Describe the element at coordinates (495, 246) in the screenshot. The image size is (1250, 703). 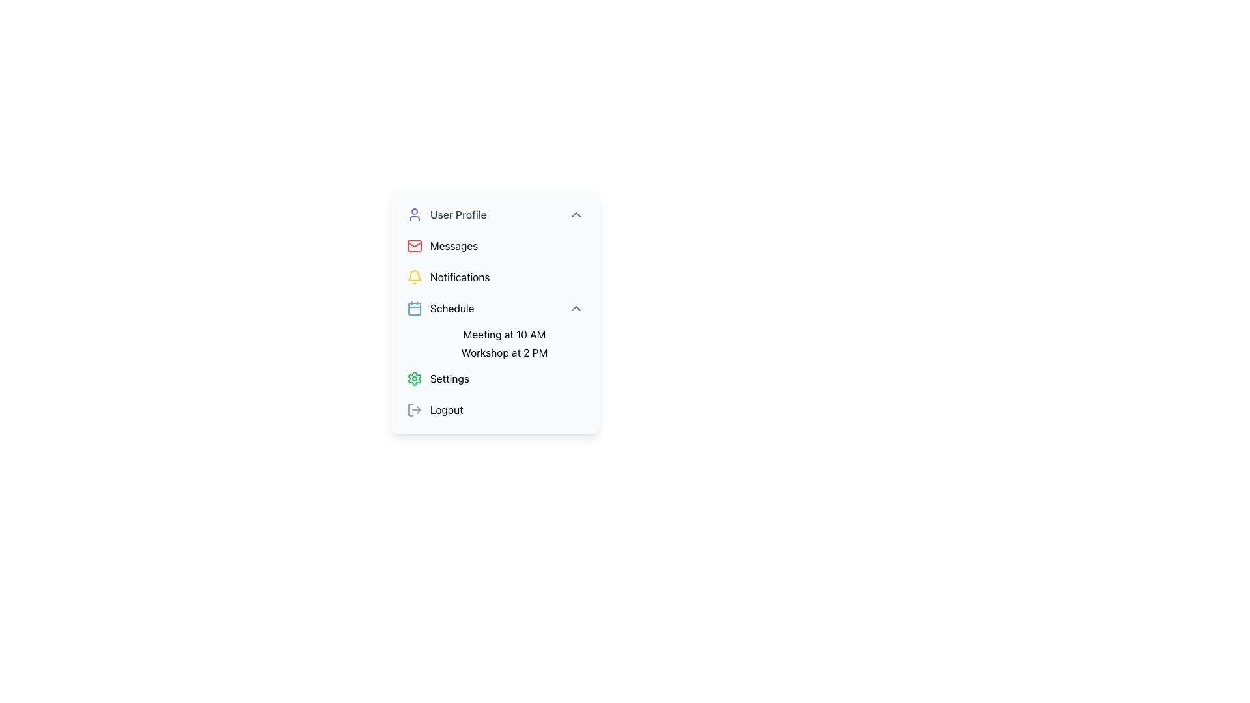
I see `the 'Messages' menu list item, which features a red envelope icon and bold black text on a white background, located below 'User Profile' and above 'Notifications'` at that location.